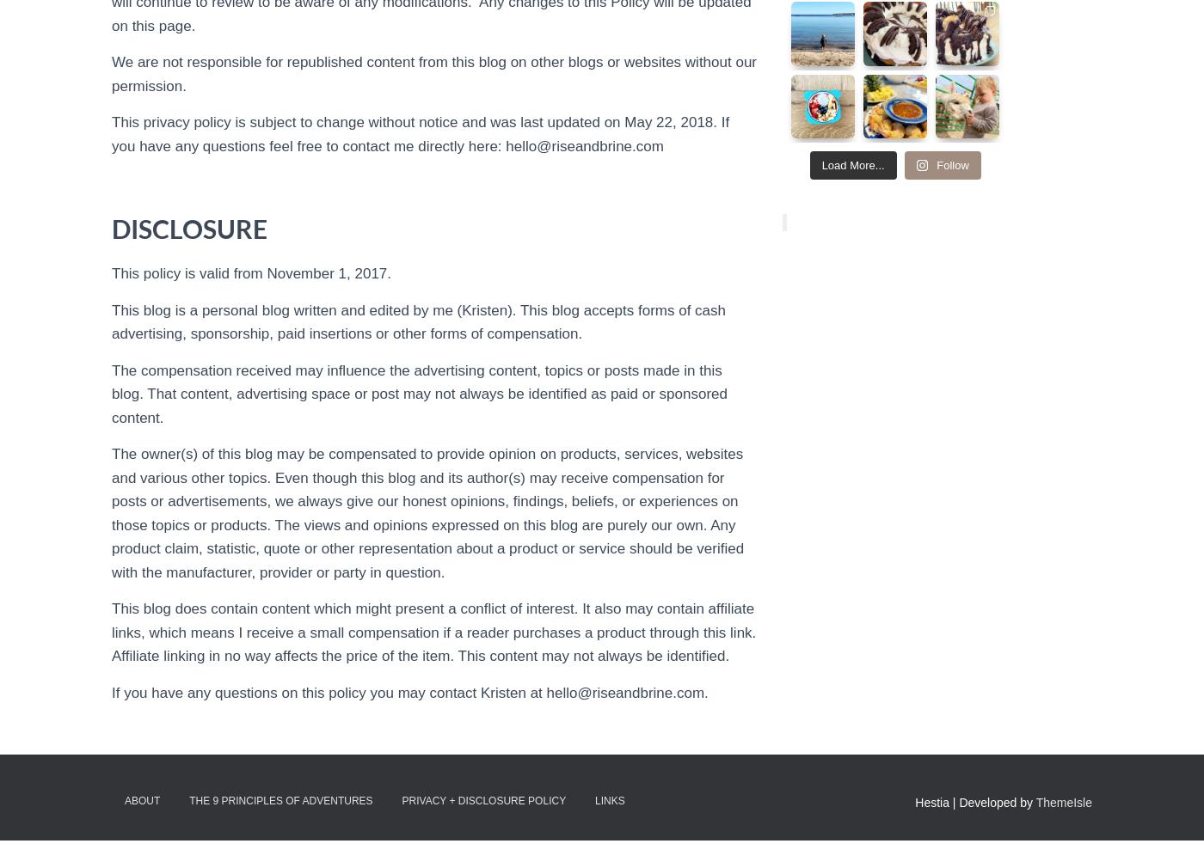 The width and height of the screenshot is (1204, 868). What do you see at coordinates (112, 321) in the screenshot?
I see `'This blog is a personal blog written and edited by me (Kristen). This blog accepts forms of cash advertising, sponsorship, paid insertions or other forms of compensation.'` at bounding box center [112, 321].